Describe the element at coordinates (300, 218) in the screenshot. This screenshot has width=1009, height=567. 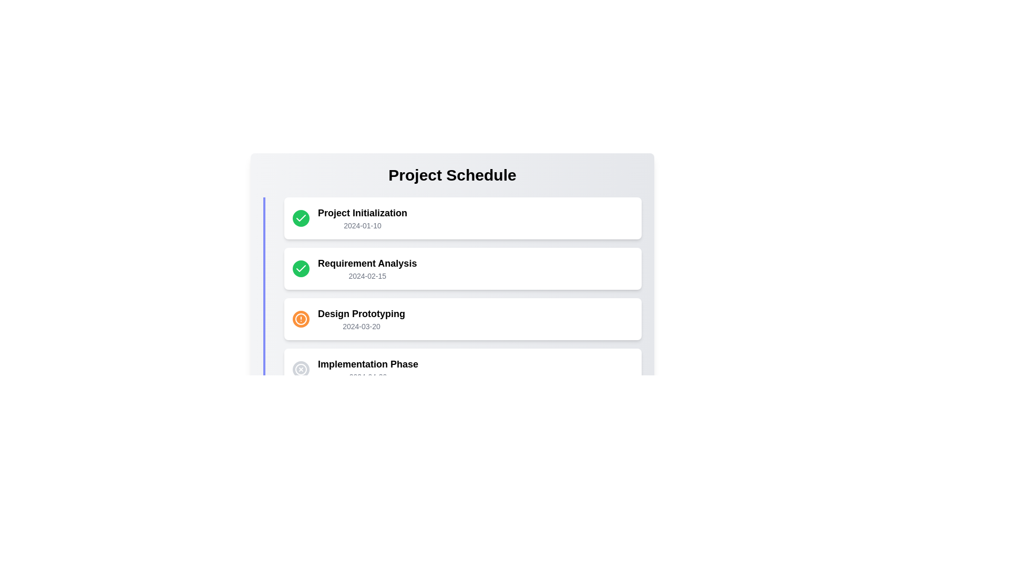
I see `the circular green button with a white checkmark icon, located at the top-left area of the 'Project Initialization' item dated '2024-01-10'` at that location.